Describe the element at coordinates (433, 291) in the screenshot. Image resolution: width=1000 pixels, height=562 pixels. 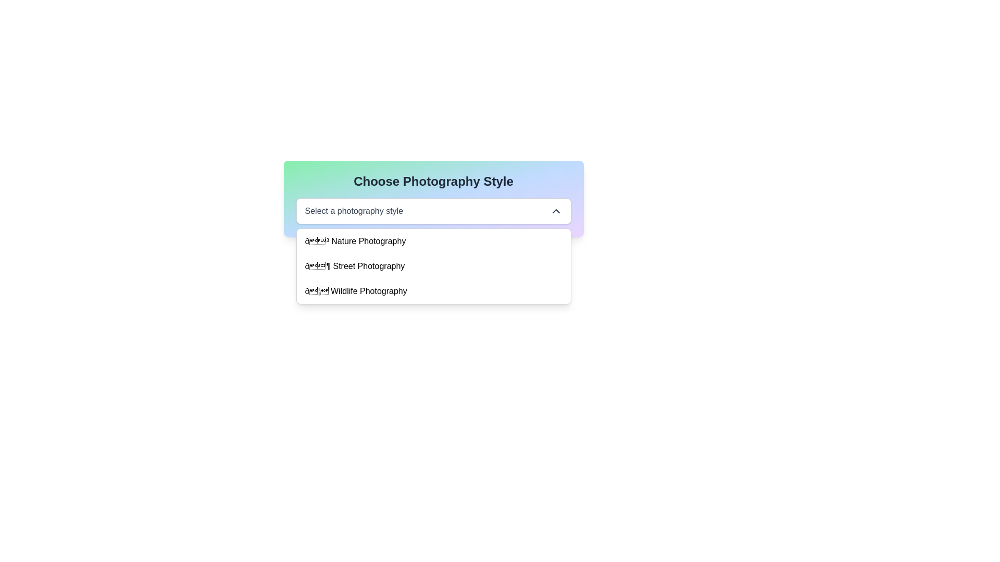
I see `the '🦁 Wildlife Photography' dropdown menu option` at that location.